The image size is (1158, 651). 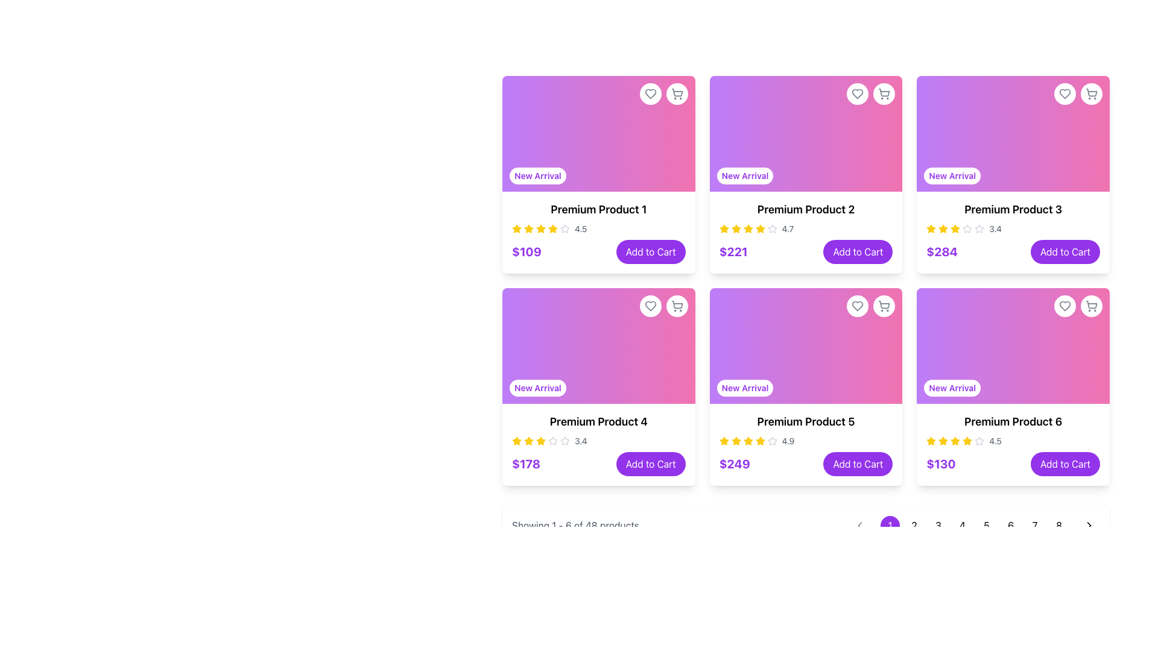 What do you see at coordinates (967, 441) in the screenshot?
I see `the first yellow star icon in the graphical rating system for the product card of 'Premium Product 6', located in the bottom left area above the numerical rating` at bounding box center [967, 441].